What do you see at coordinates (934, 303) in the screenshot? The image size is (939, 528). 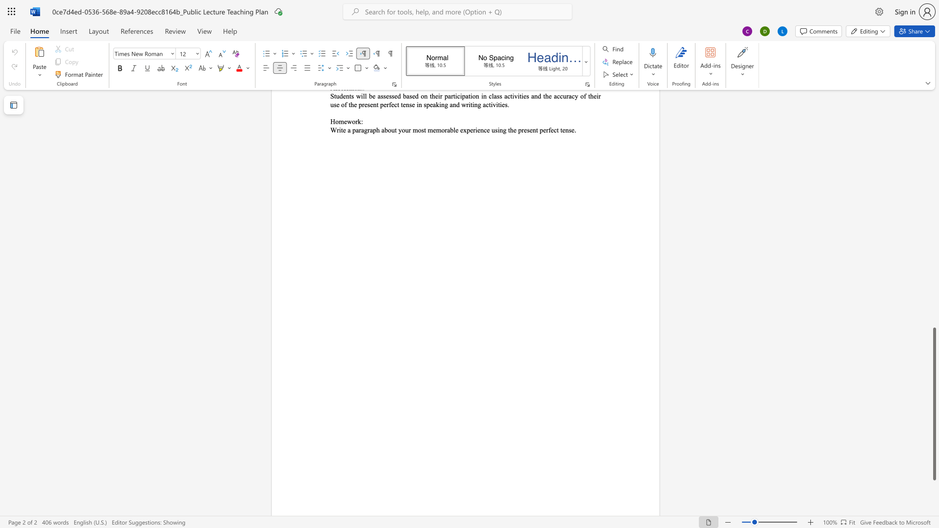 I see `the scrollbar on the right side to scroll the page up` at bounding box center [934, 303].